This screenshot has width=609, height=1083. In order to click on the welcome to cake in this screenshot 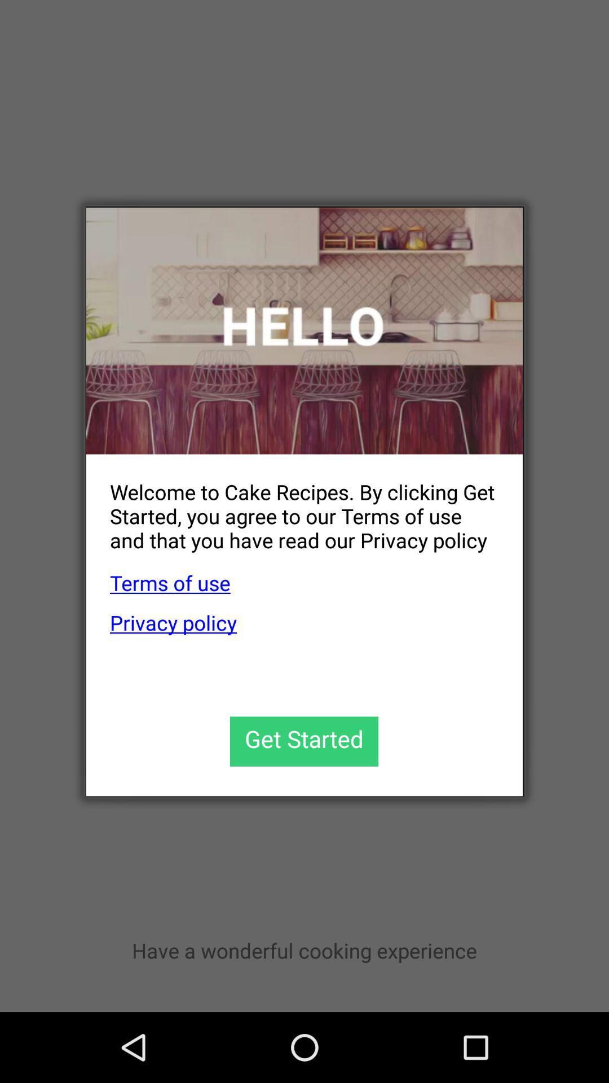, I will do `click(292, 507)`.